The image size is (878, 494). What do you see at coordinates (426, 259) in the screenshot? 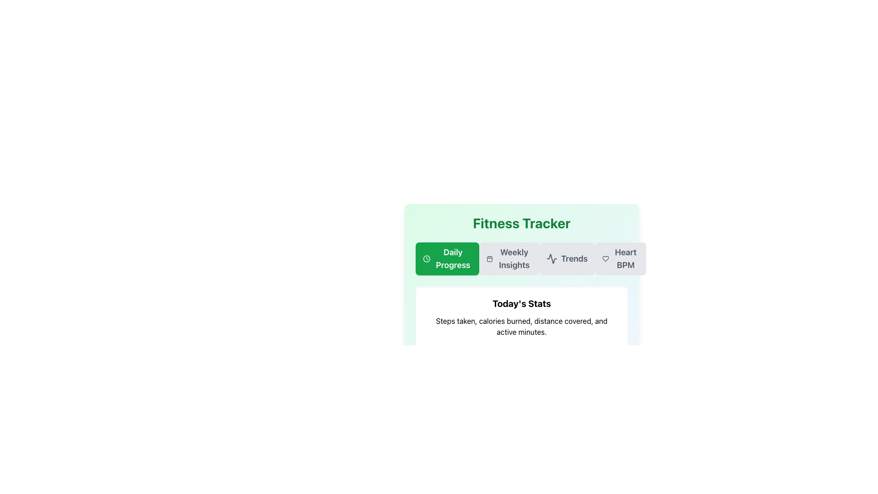
I see `the Circular graphic within the SVG that visually represents the 'Daily Progress' section of the clock icon in the menu header` at bounding box center [426, 259].